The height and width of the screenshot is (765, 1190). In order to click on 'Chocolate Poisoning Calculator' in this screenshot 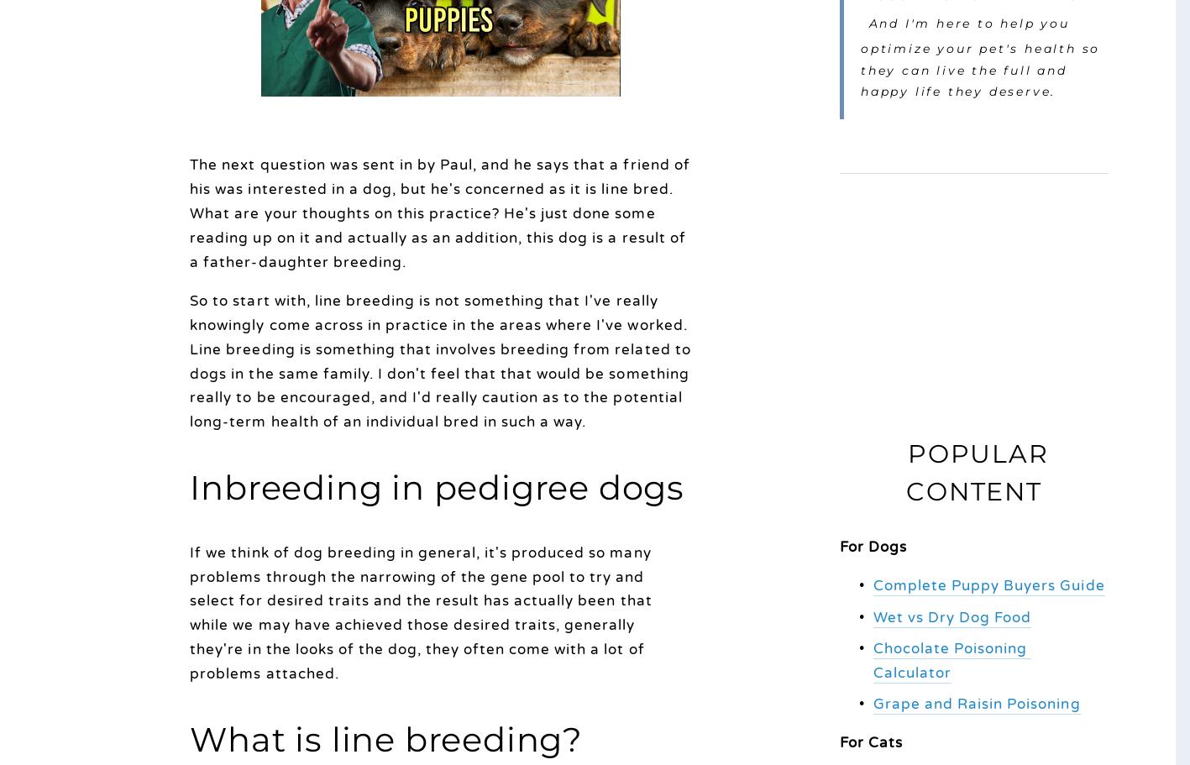, I will do `click(951, 660)`.